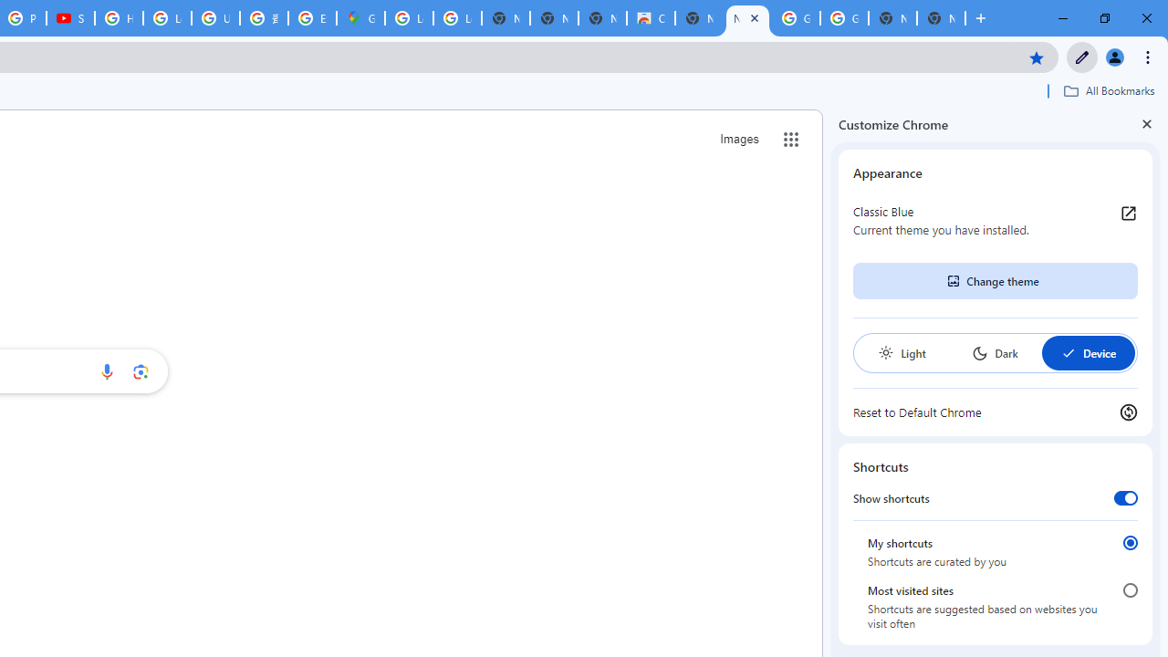 This screenshot has width=1168, height=657. Describe the element at coordinates (791, 139) in the screenshot. I see `'Google apps'` at that location.